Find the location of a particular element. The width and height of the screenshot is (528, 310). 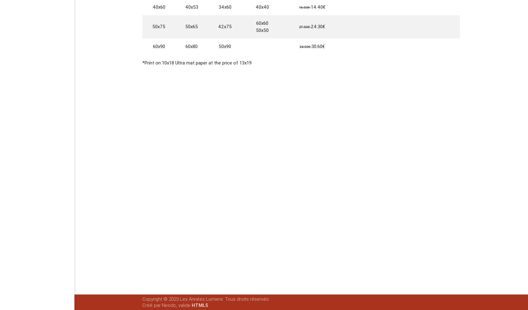

'27.00€' is located at coordinates (305, 27).